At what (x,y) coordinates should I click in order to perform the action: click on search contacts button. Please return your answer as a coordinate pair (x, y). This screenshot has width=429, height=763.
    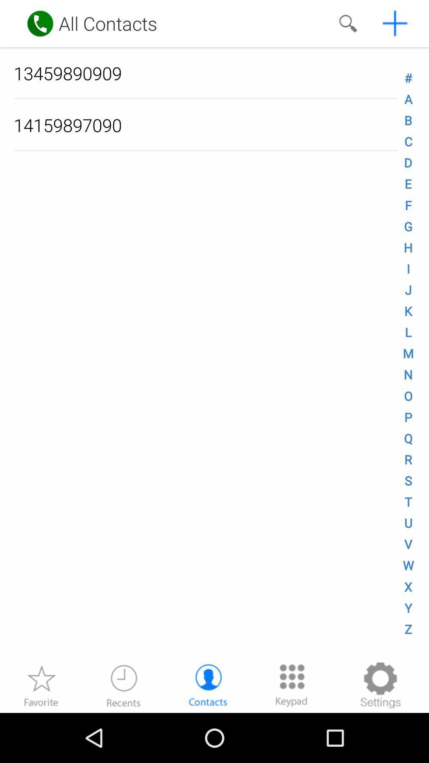
    Looking at the image, I should click on (347, 23).